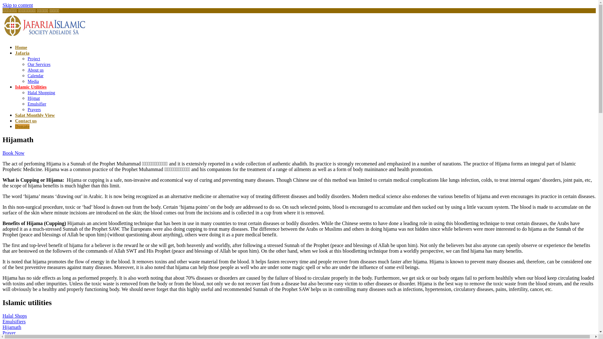 This screenshot has width=603, height=339. Describe the element at coordinates (33, 98) in the screenshot. I see `'Hijmat'` at that location.